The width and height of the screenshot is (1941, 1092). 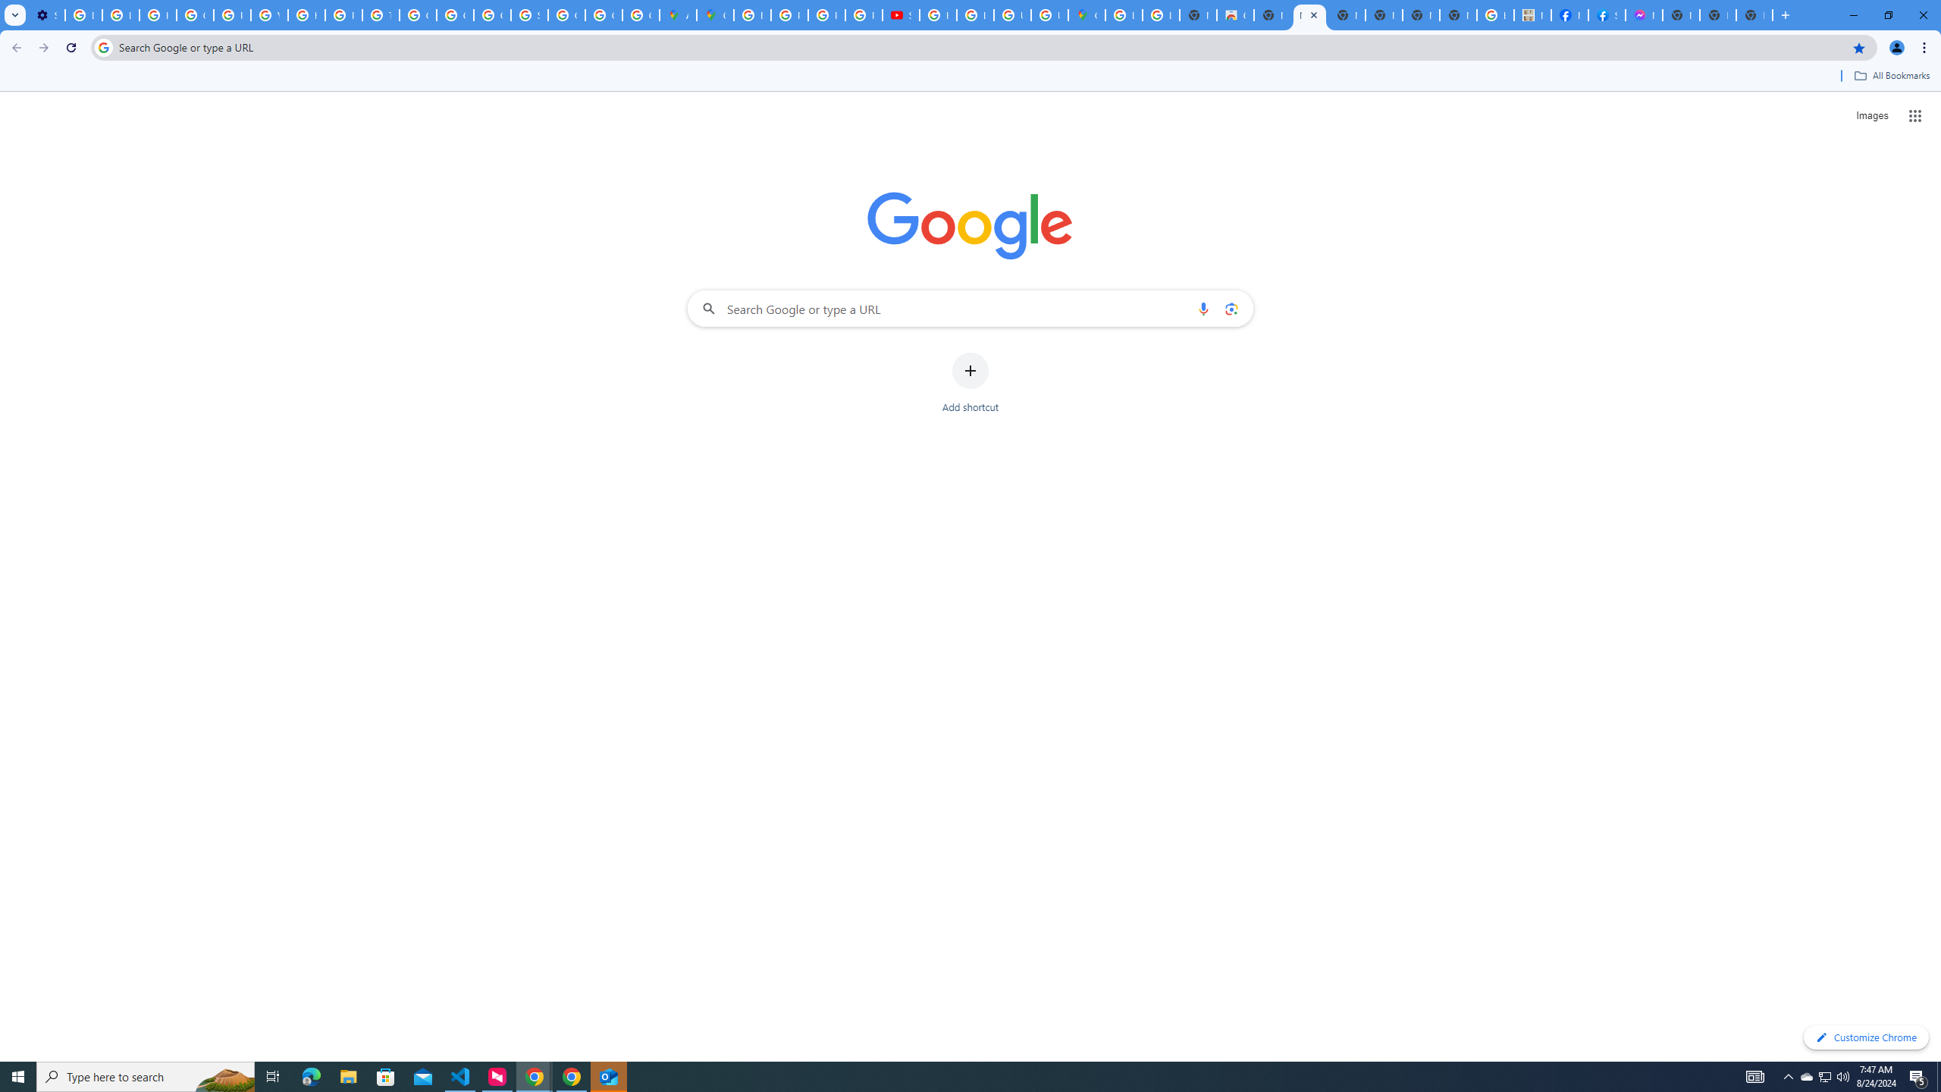 I want to click on 'Blogger Policies and Guidelines - Transparency Center', so click(x=752, y=14).